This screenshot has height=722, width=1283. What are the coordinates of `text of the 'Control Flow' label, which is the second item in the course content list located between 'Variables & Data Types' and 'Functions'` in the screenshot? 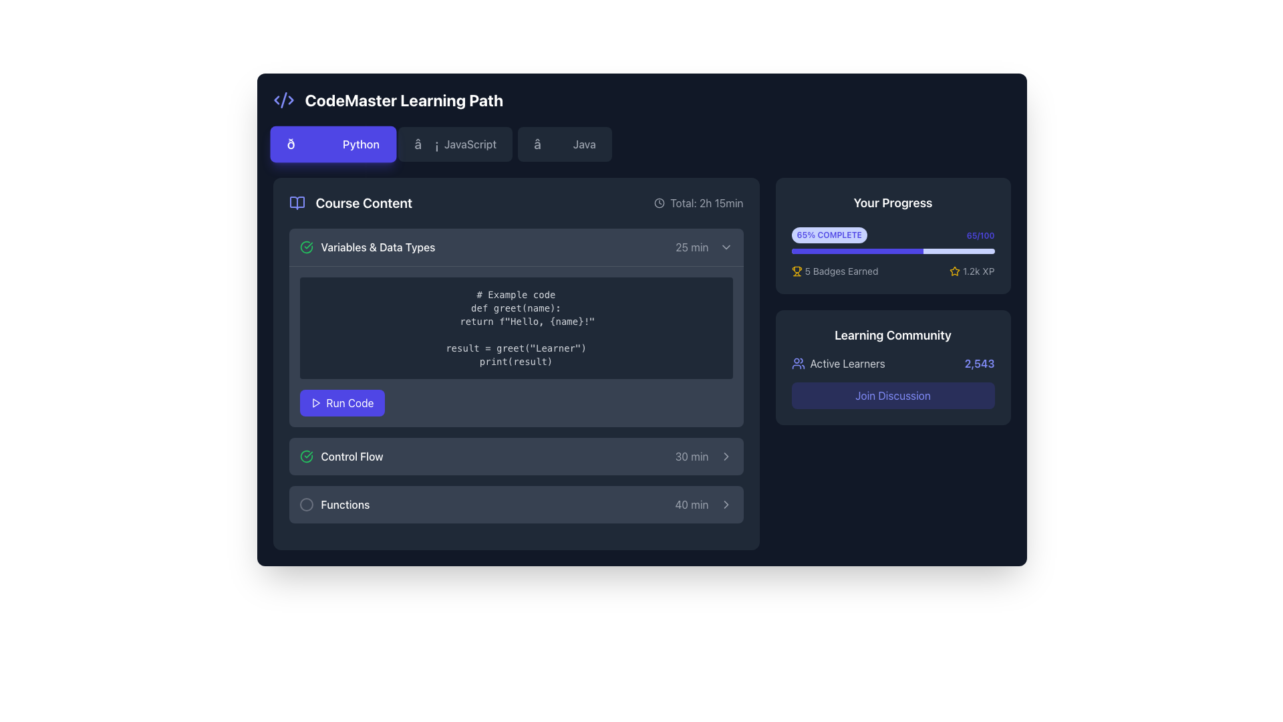 It's located at (352, 455).